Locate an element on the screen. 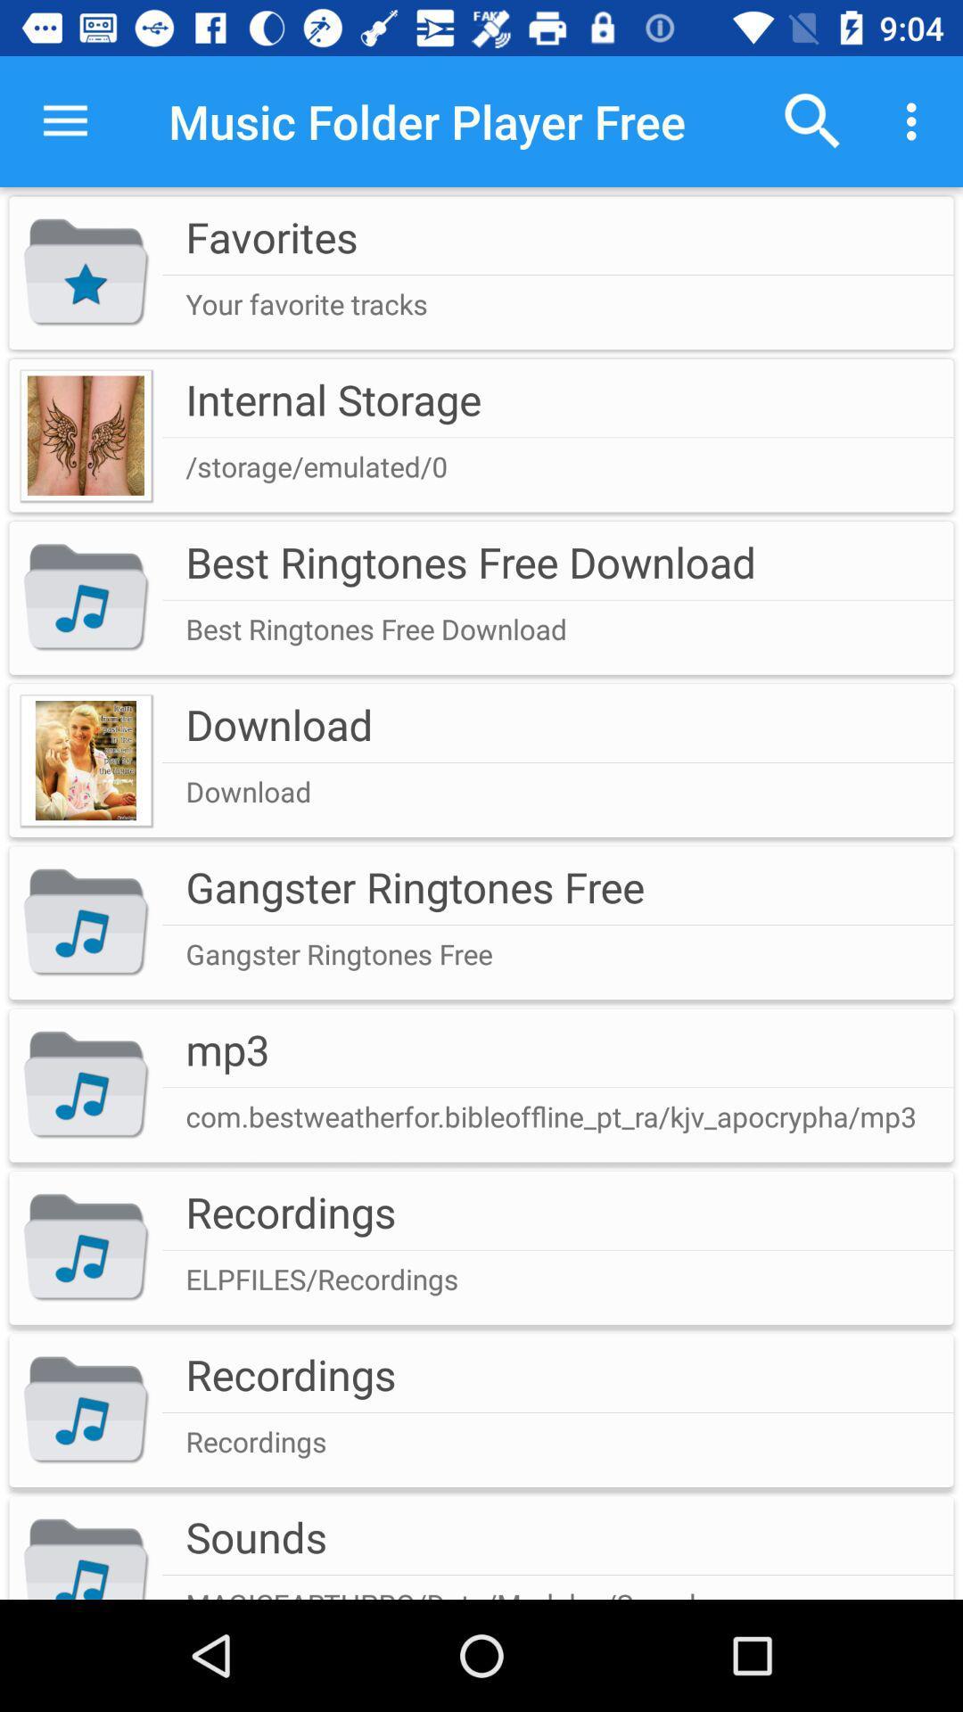  music icon which is beside the best ringtones free download text is located at coordinates (86, 598).